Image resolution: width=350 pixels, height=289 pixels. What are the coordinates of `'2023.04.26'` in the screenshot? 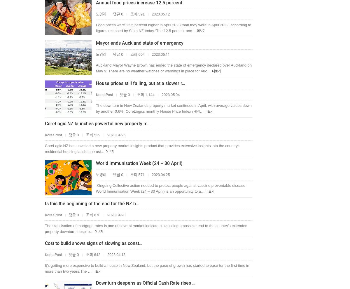 It's located at (116, 135).